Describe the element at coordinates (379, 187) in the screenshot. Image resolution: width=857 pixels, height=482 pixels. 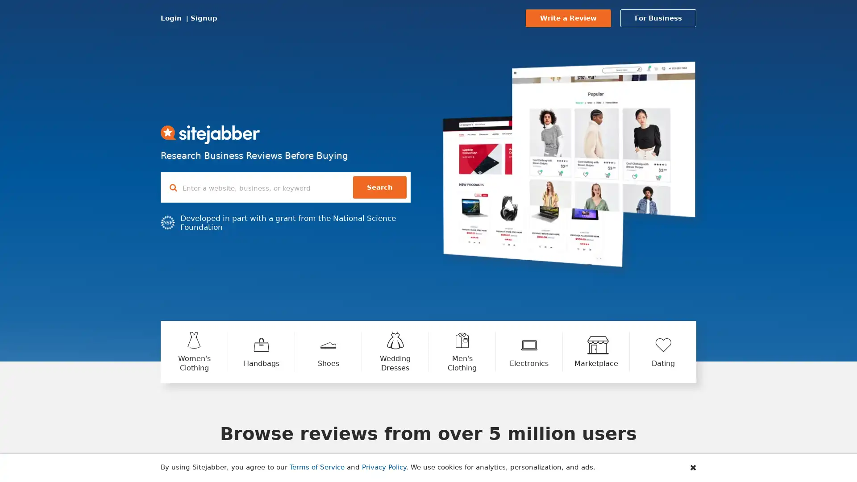
I see `Search` at that location.